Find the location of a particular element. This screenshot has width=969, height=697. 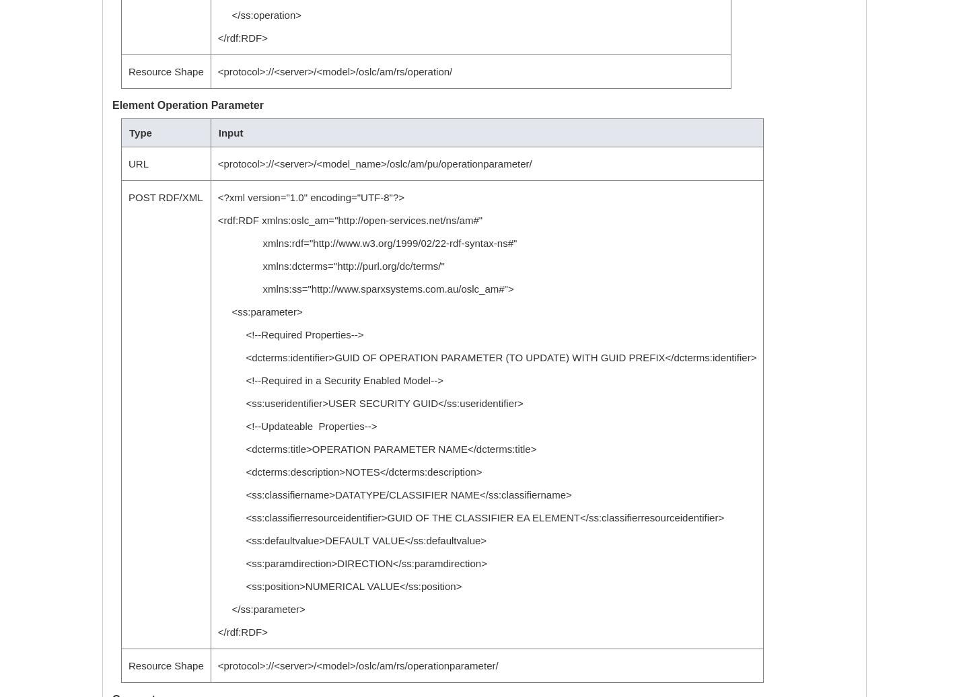

'xmlns:dcterms="http://purl.org/dc/terms/"' is located at coordinates (330, 266).